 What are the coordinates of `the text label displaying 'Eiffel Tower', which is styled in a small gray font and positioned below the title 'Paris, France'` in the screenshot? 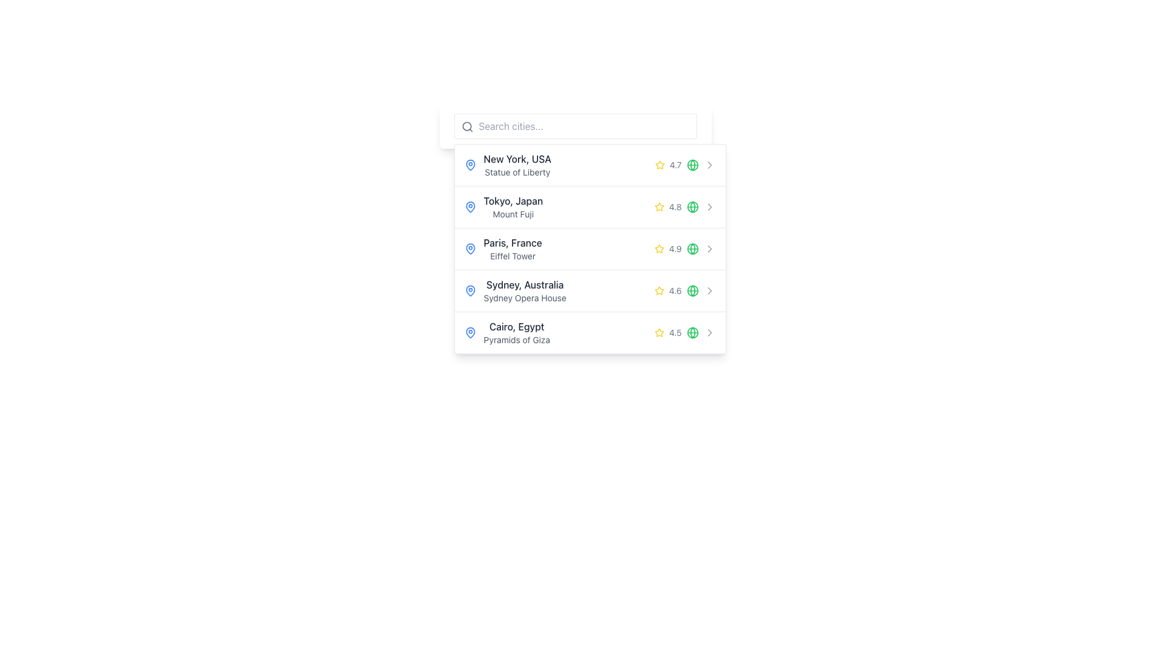 It's located at (513, 255).